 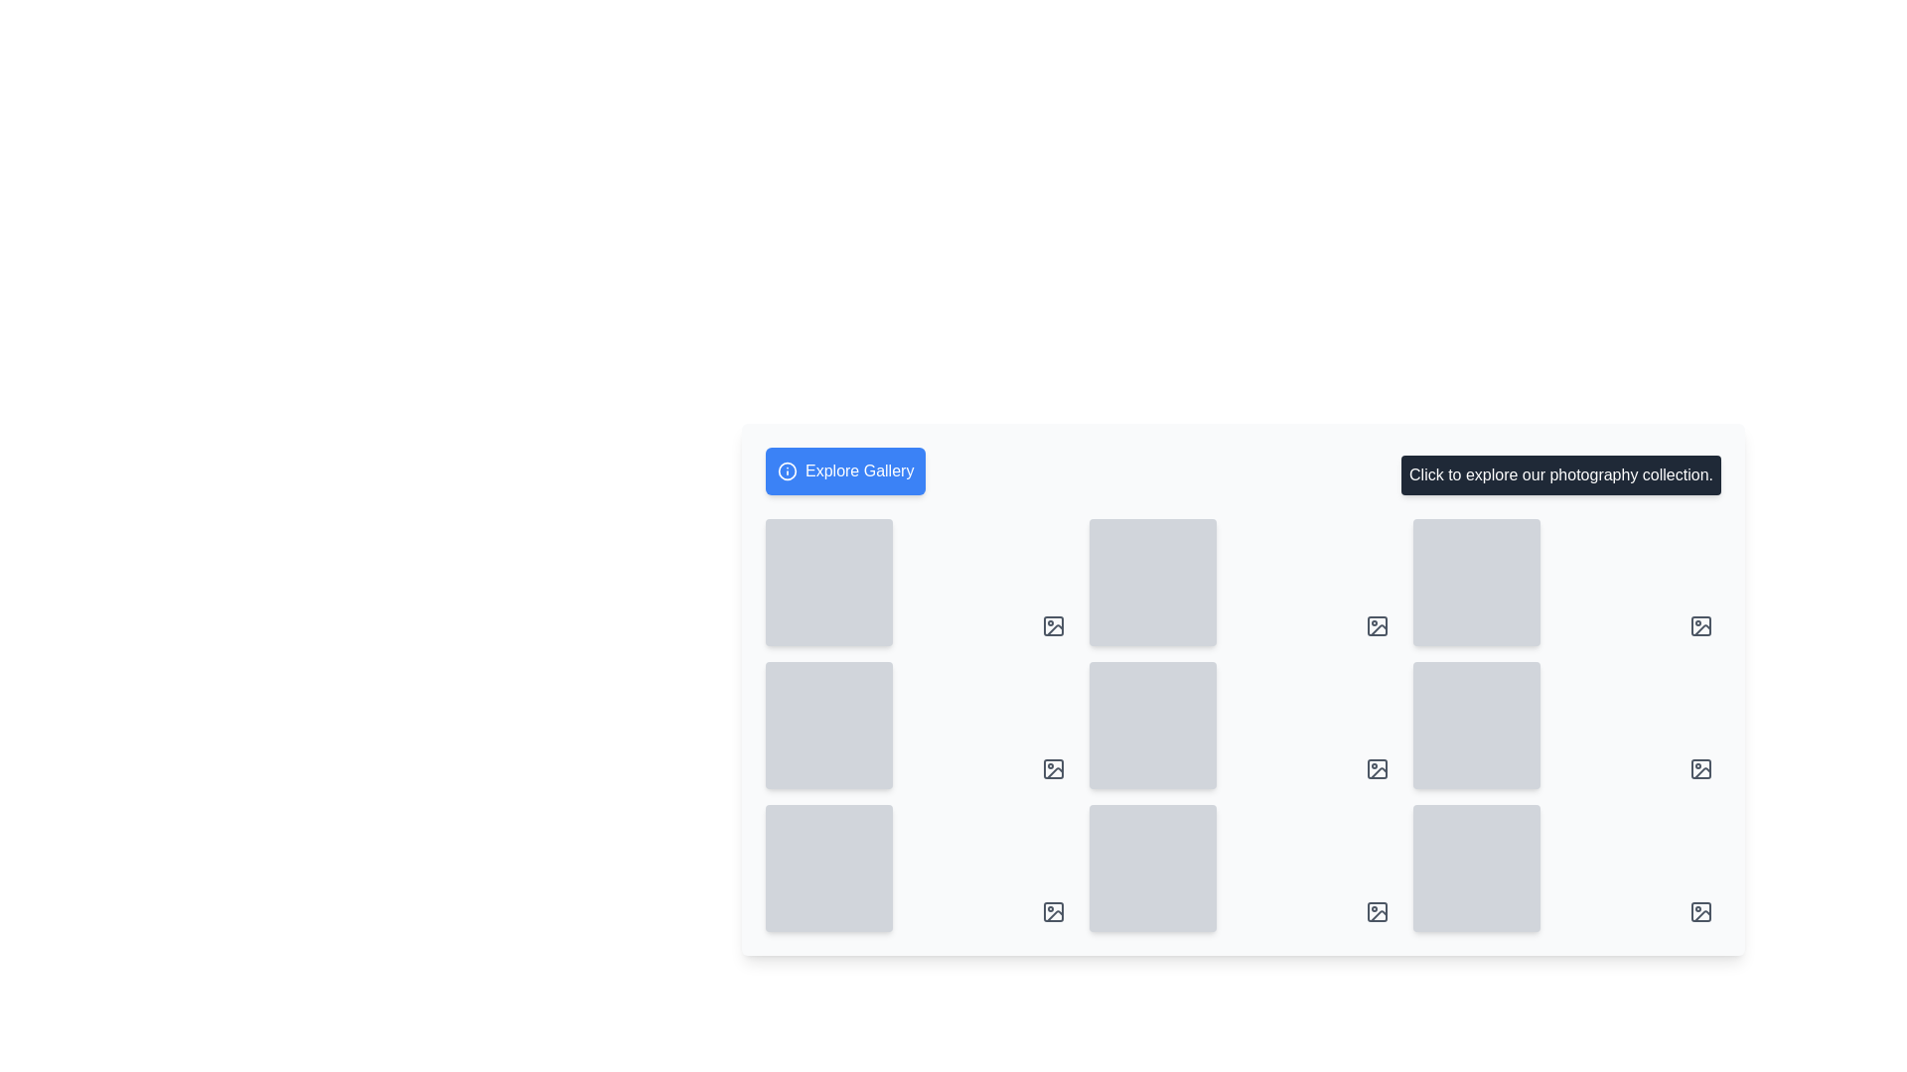 What do you see at coordinates (1052, 626) in the screenshot?
I see `the small gray square icon` at bounding box center [1052, 626].